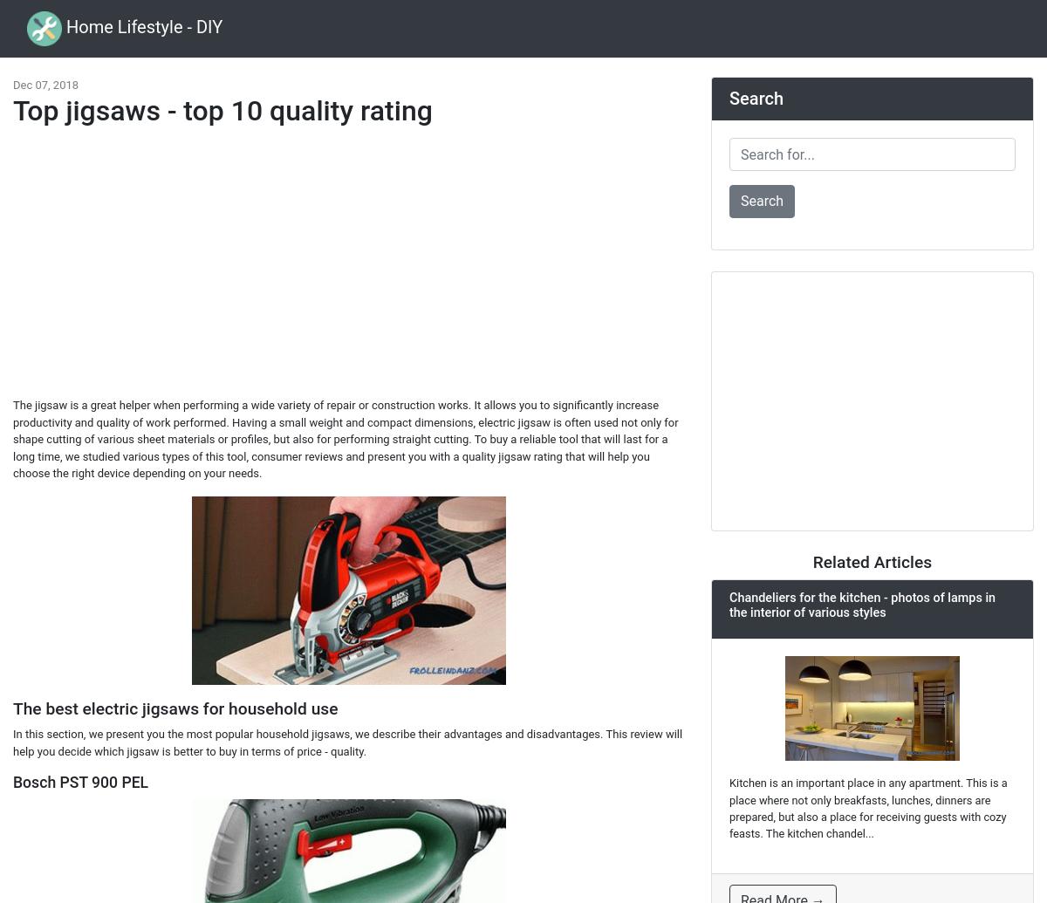 The width and height of the screenshot is (1047, 903). Describe the element at coordinates (862, 604) in the screenshot. I see `'Chandeliers for the kitchen - photos of lamps in the interior of various styles'` at that location.